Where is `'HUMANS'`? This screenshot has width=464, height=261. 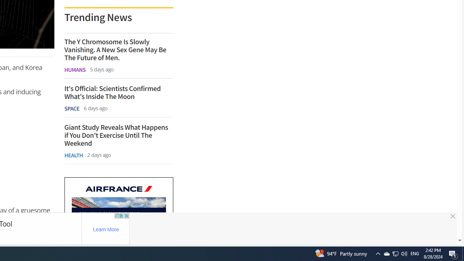
'HUMANS' is located at coordinates (75, 69).